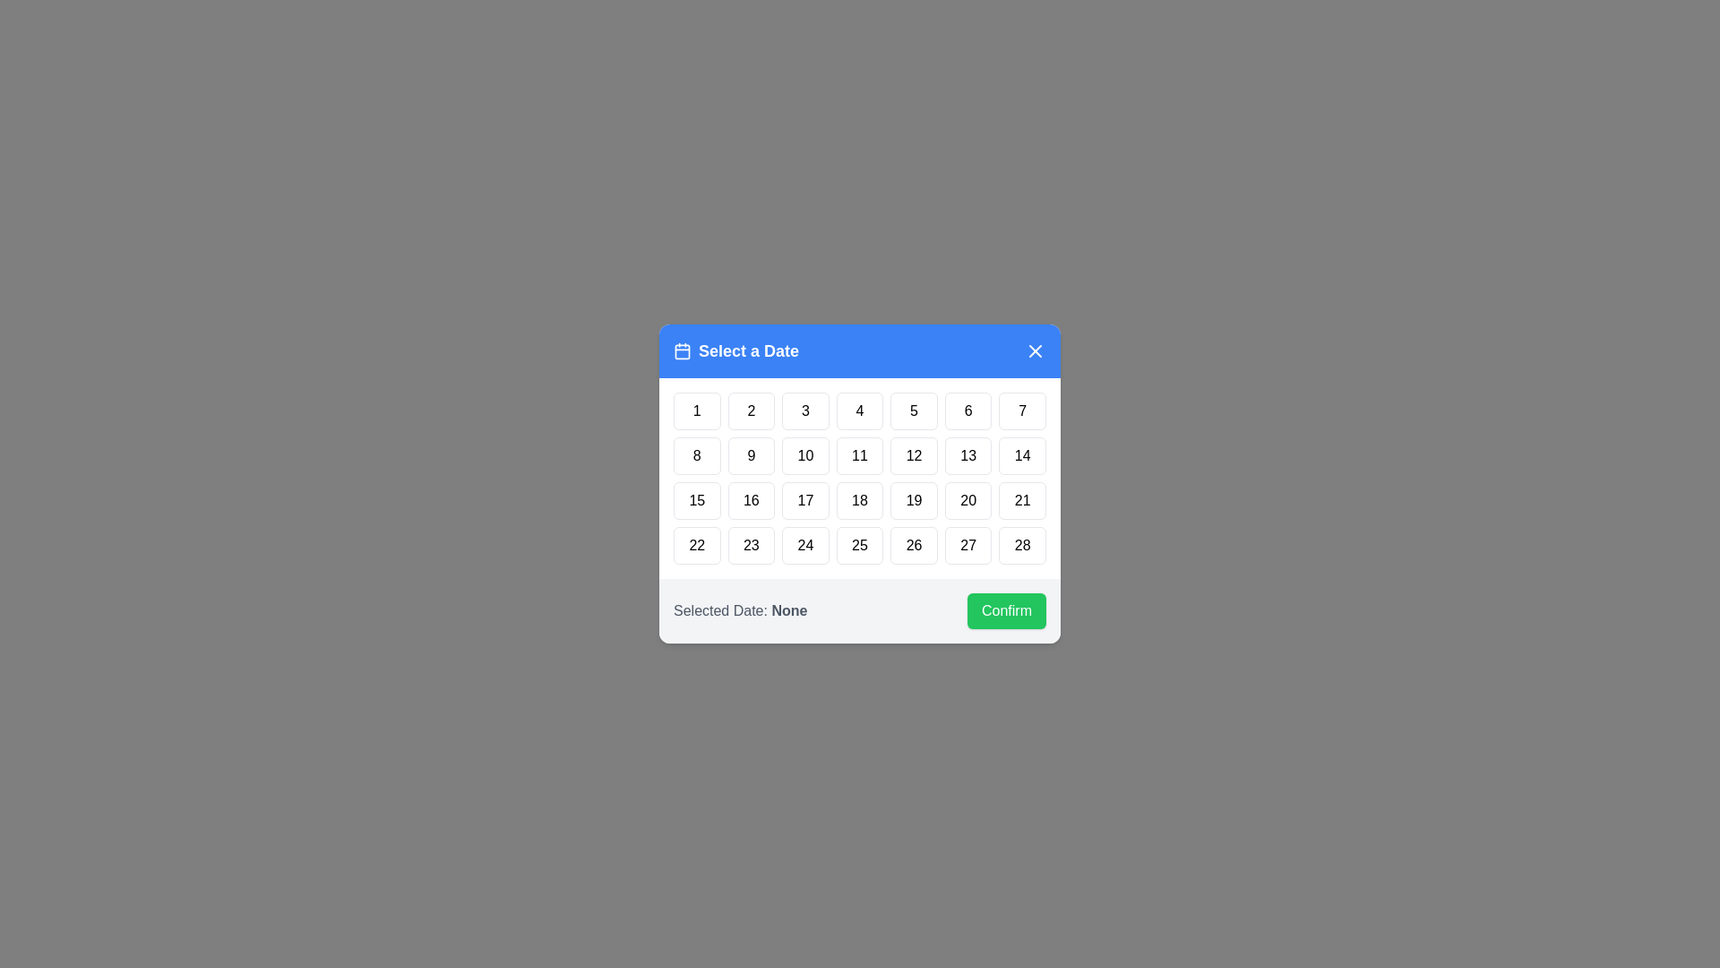 Image resolution: width=1720 pixels, height=968 pixels. What do you see at coordinates (860, 501) in the screenshot?
I see `the button representing the day 18 to select that date` at bounding box center [860, 501].